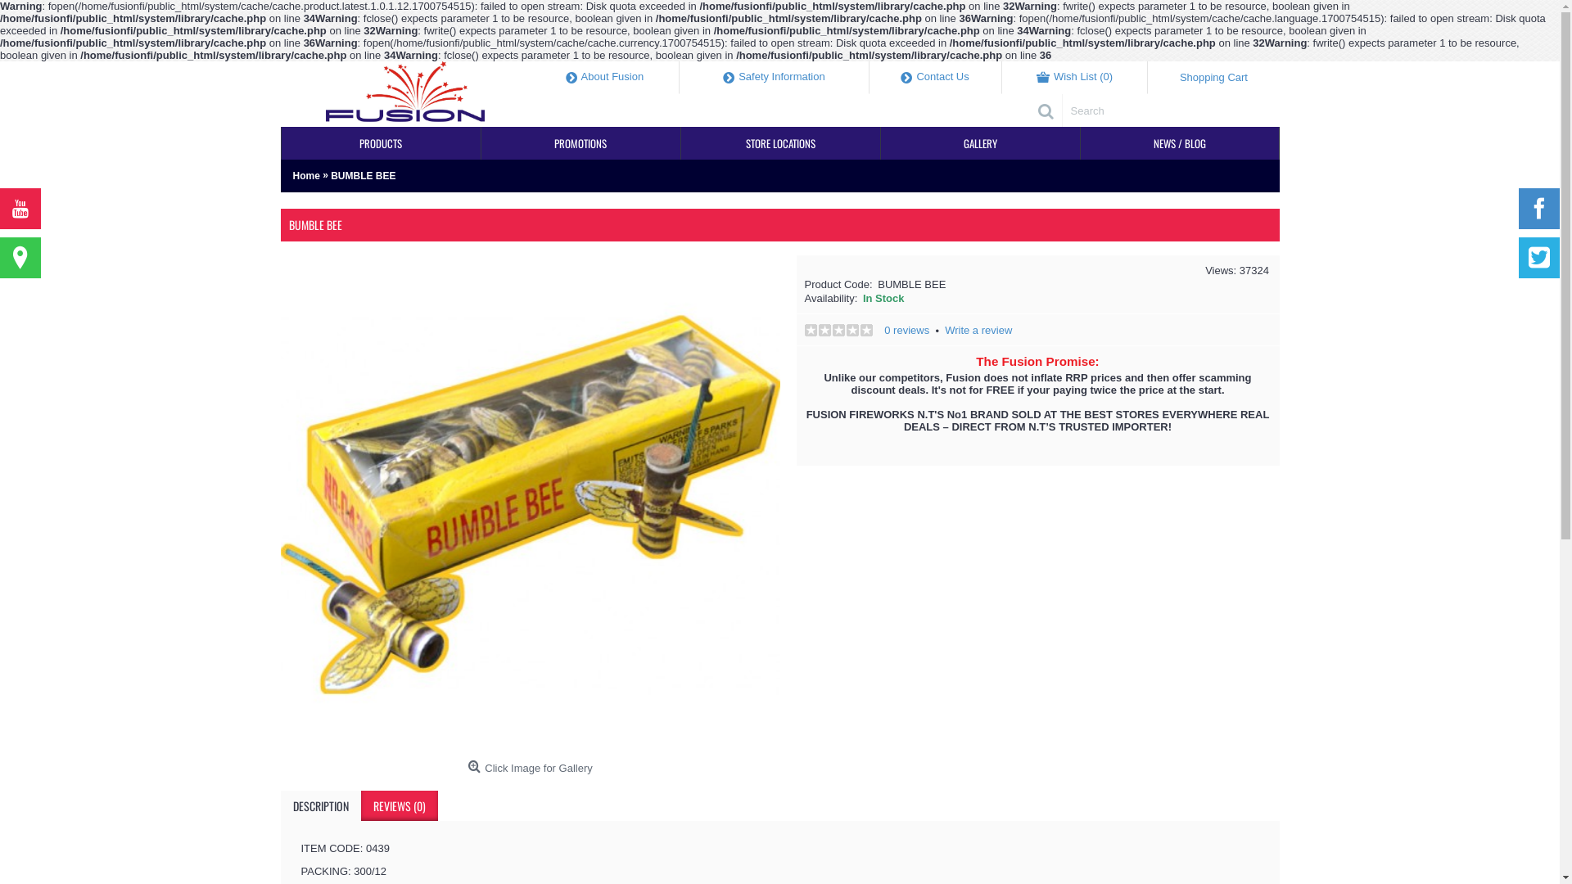 This screenshot has height=884, width=1572. Describe the element at coordinates (980, 142) in the screenshot. I see `'GALLERY'` at that location.